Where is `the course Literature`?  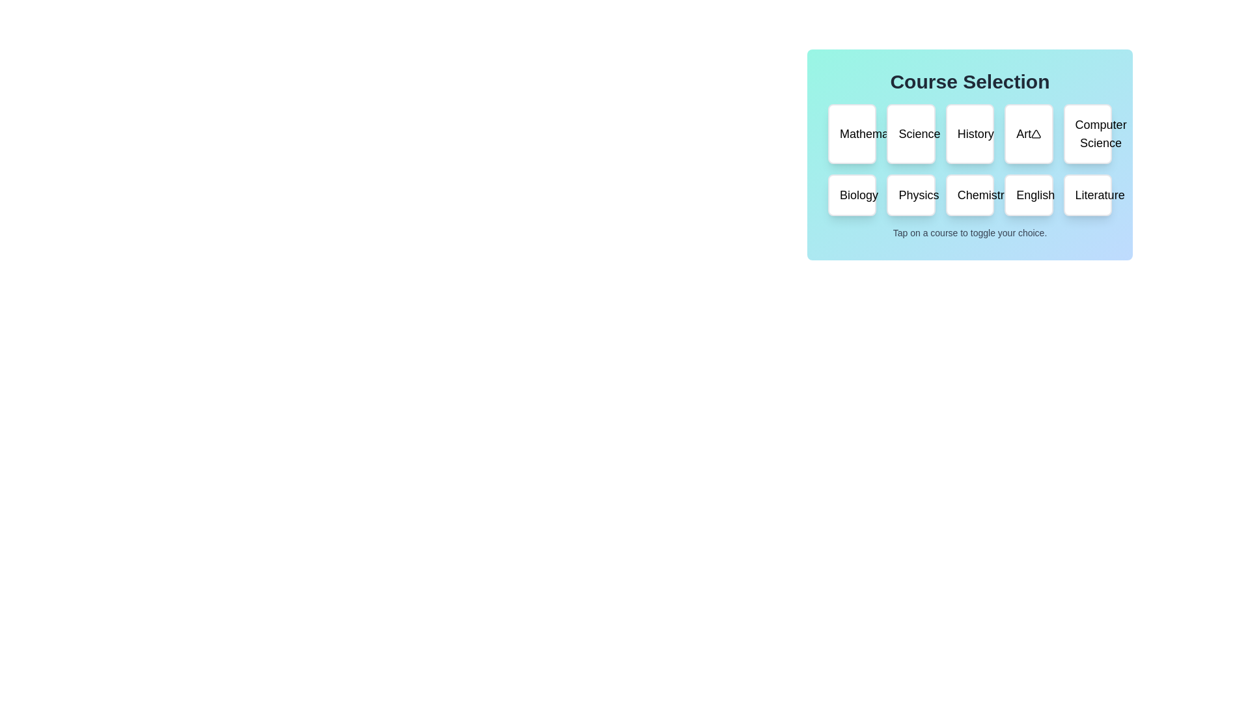
the course Literature is located at coordinates (1087, 195).